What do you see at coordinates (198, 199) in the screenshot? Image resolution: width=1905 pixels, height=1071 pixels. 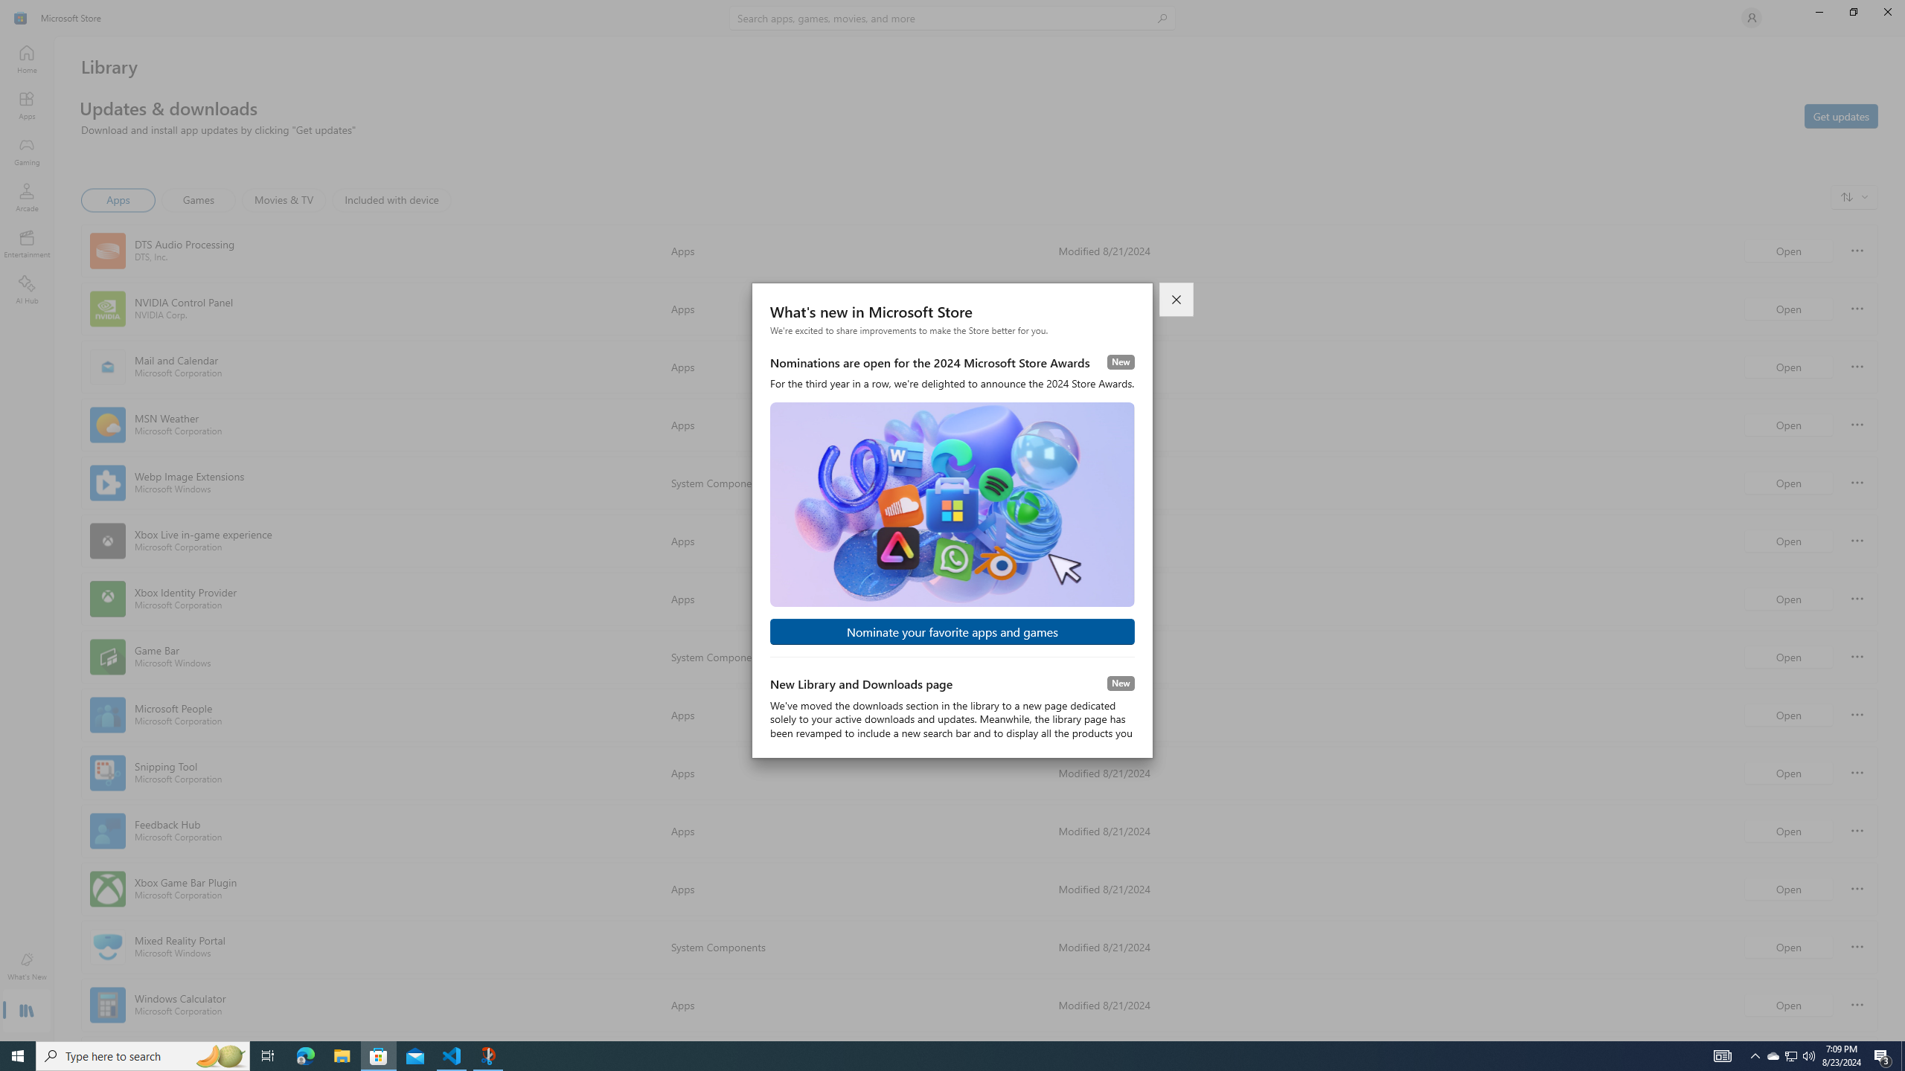 I see `'Games'` at bounding box center [198, 199].